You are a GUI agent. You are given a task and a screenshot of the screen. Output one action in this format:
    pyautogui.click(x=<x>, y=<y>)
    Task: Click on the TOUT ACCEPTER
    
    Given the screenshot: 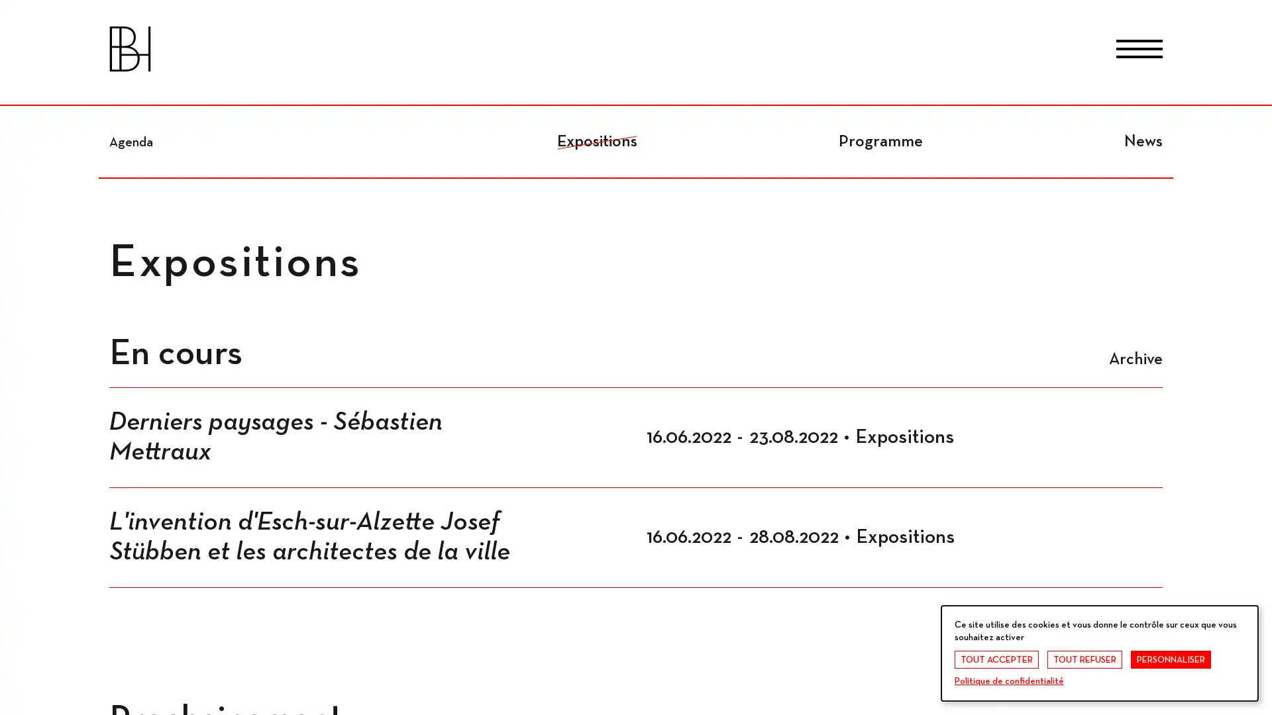 What is the action you would take?
    pyautogui.click(x=996, y=659)
    